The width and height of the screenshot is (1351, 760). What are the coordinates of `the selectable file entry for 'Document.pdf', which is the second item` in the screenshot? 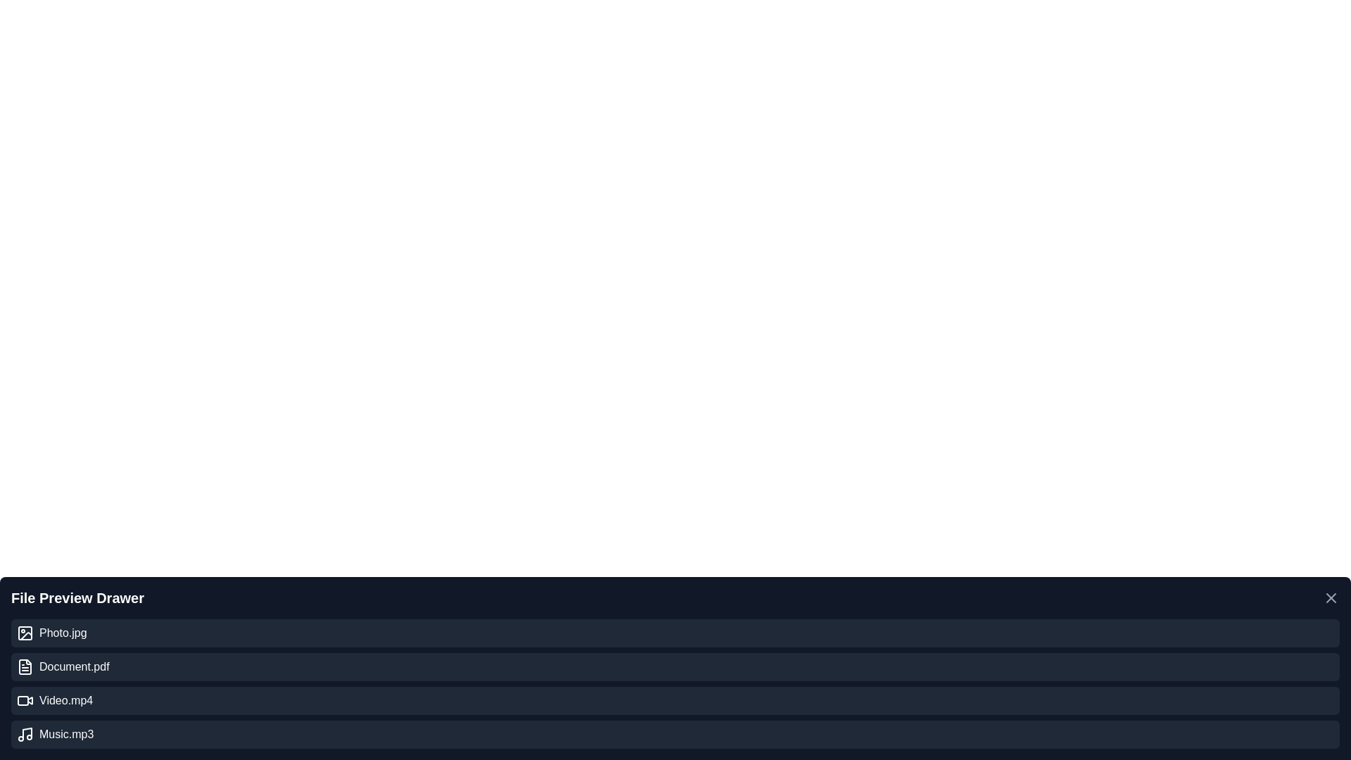 It's located at (675, 666).